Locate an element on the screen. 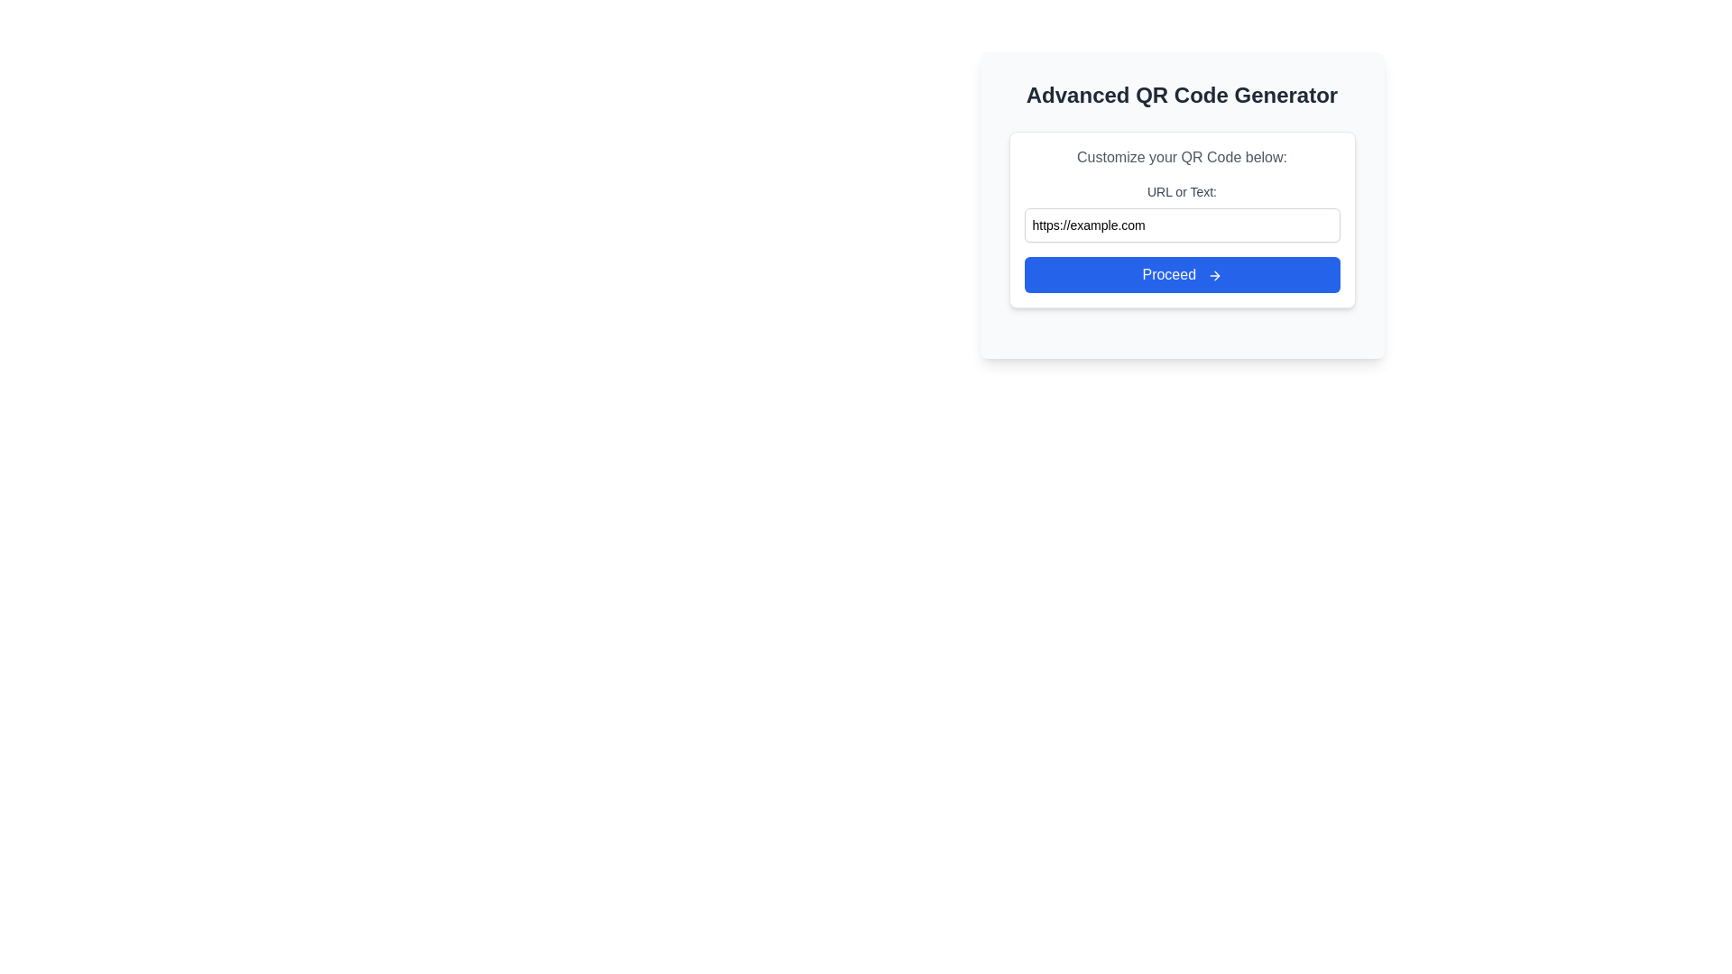  the text input field of the QR code generation panel is located at coordinates (1182, 204).